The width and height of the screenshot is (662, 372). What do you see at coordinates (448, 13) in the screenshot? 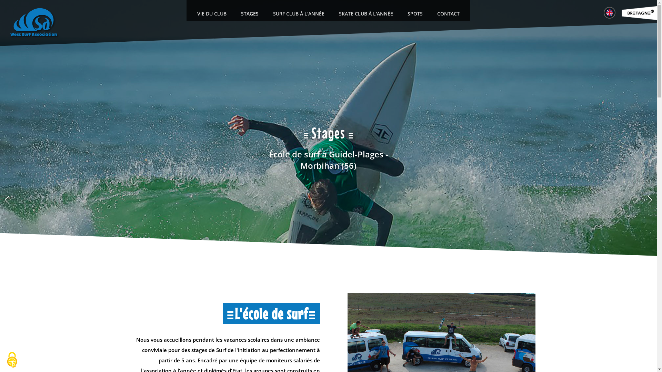
I see `'CONTACT'` at bounding box center [448, 13].